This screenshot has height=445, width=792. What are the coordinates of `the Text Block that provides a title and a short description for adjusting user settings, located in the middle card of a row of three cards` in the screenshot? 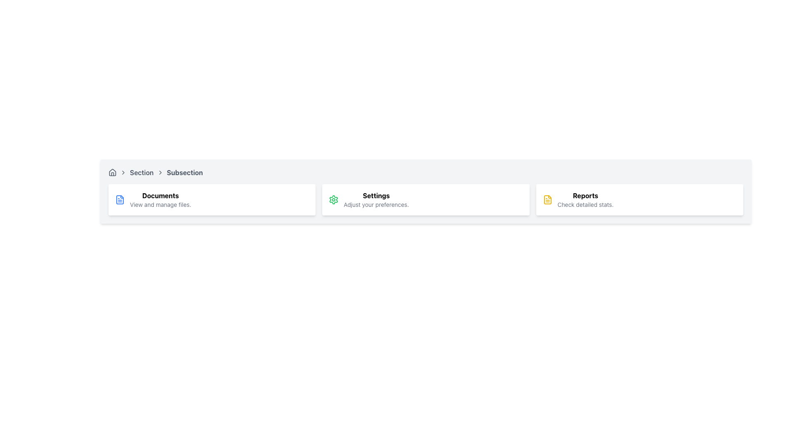 It's located at (376, 200).